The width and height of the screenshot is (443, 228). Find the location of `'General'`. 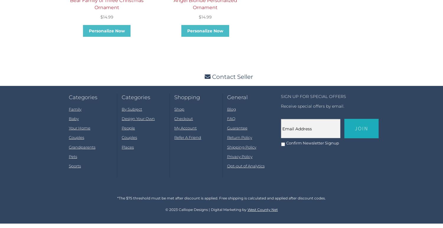

'General' is located at coordinates (237, 102).